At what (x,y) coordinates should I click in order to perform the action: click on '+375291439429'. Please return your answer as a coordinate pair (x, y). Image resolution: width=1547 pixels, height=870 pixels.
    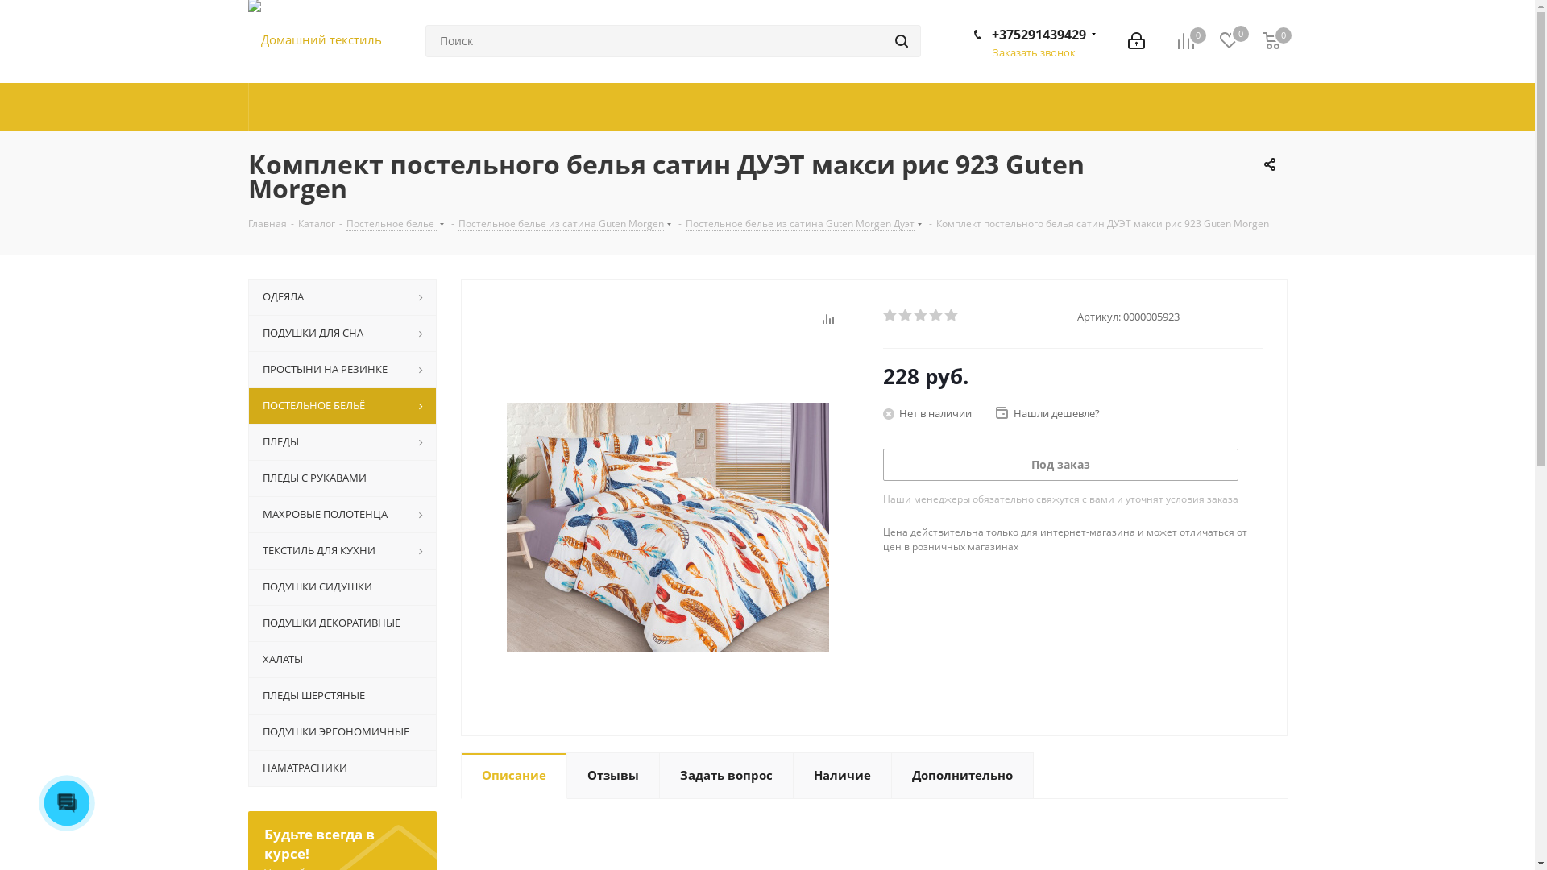
    Looking at the image, I should click on (1038, 34).